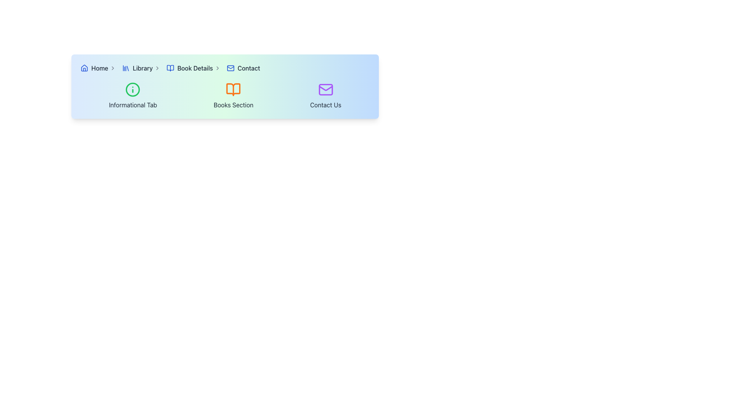 The width and height of the screenshot is (737, 414). Describe the element at coordinates (225, 67) in the screenshot. I see `the Breadcrumb Navigation links` at that location.